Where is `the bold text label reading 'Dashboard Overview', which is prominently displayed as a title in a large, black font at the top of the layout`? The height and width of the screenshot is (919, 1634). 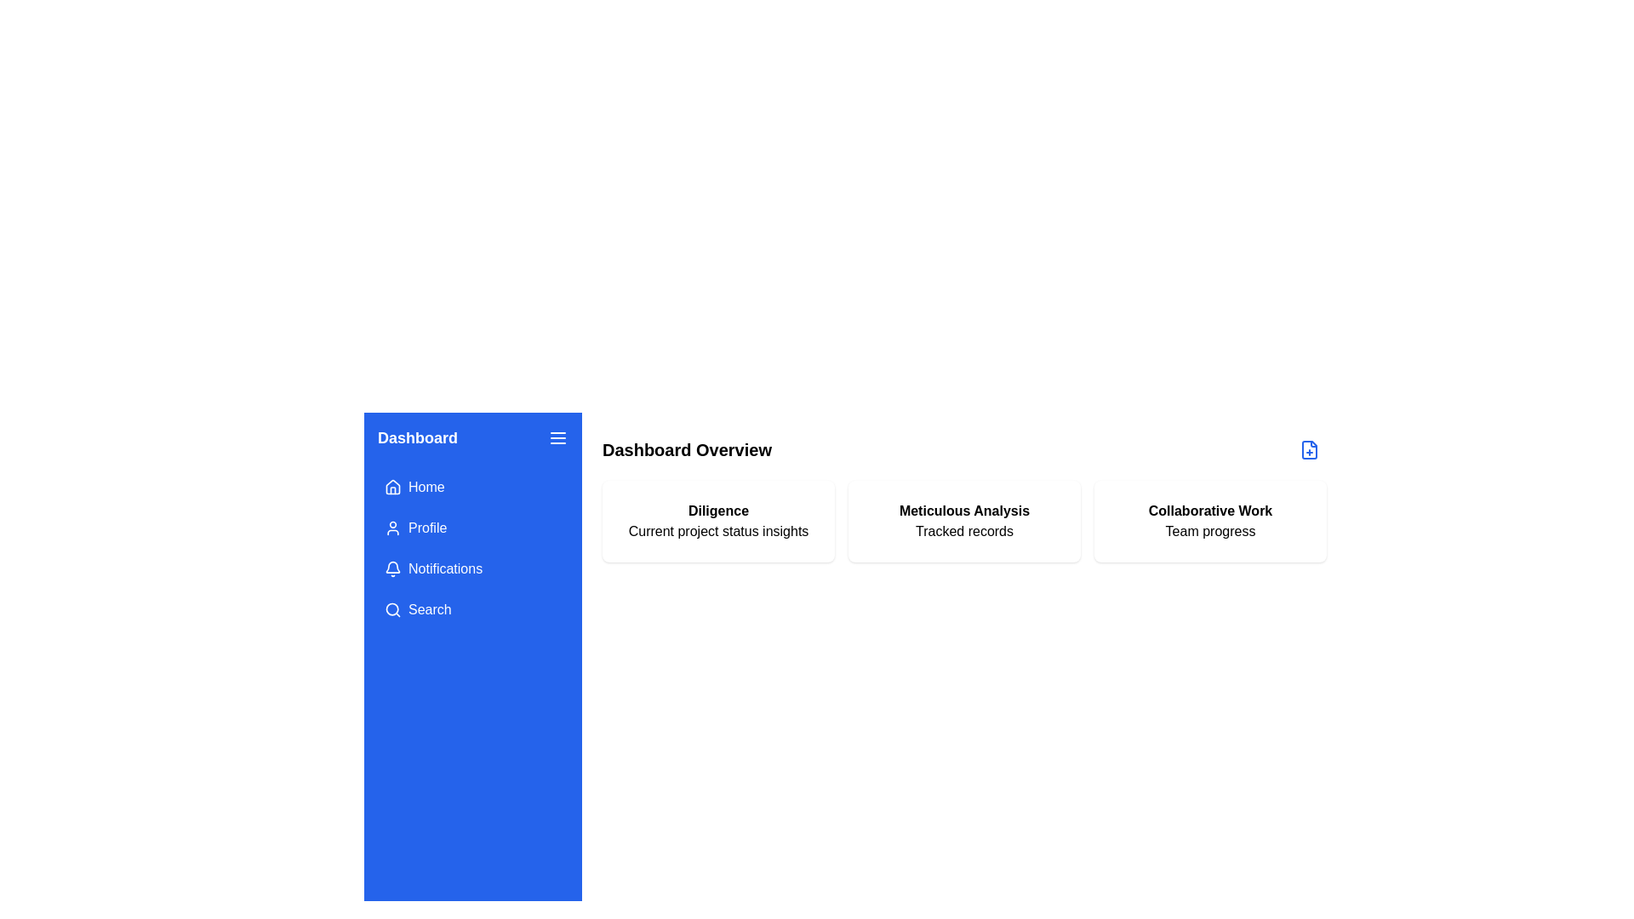 the bold text label reading 'Dashboard Overview', which is prominently displayed as a title in a large, black font at the top of the layout is located at coordinates (687, 448).